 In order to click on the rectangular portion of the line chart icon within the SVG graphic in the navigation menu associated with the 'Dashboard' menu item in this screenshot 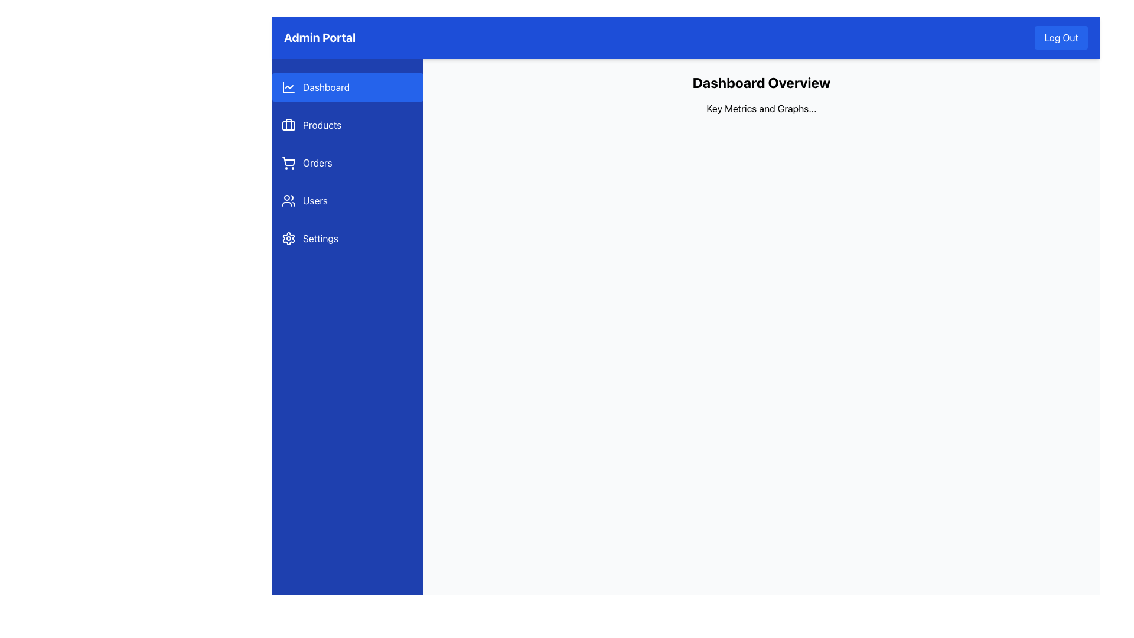, I will do `click(289, 86)`.